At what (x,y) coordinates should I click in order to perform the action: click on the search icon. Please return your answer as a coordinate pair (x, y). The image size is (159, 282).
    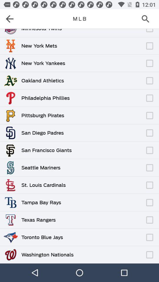
    Looking at the image, I should click on (147, 19).